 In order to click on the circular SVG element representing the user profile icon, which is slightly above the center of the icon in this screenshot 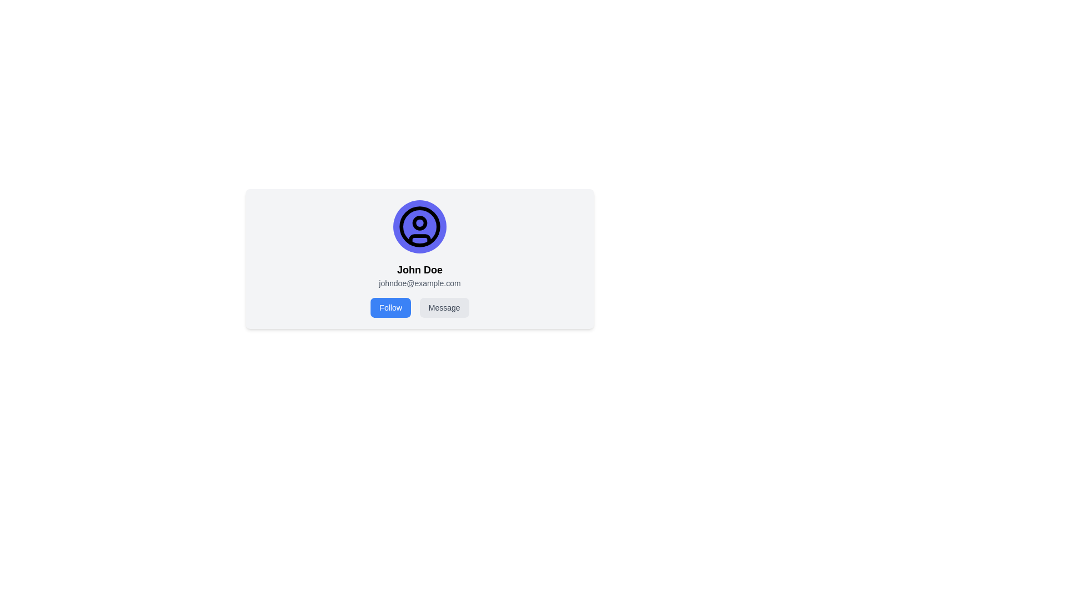, I will do `click(419, 223)`.